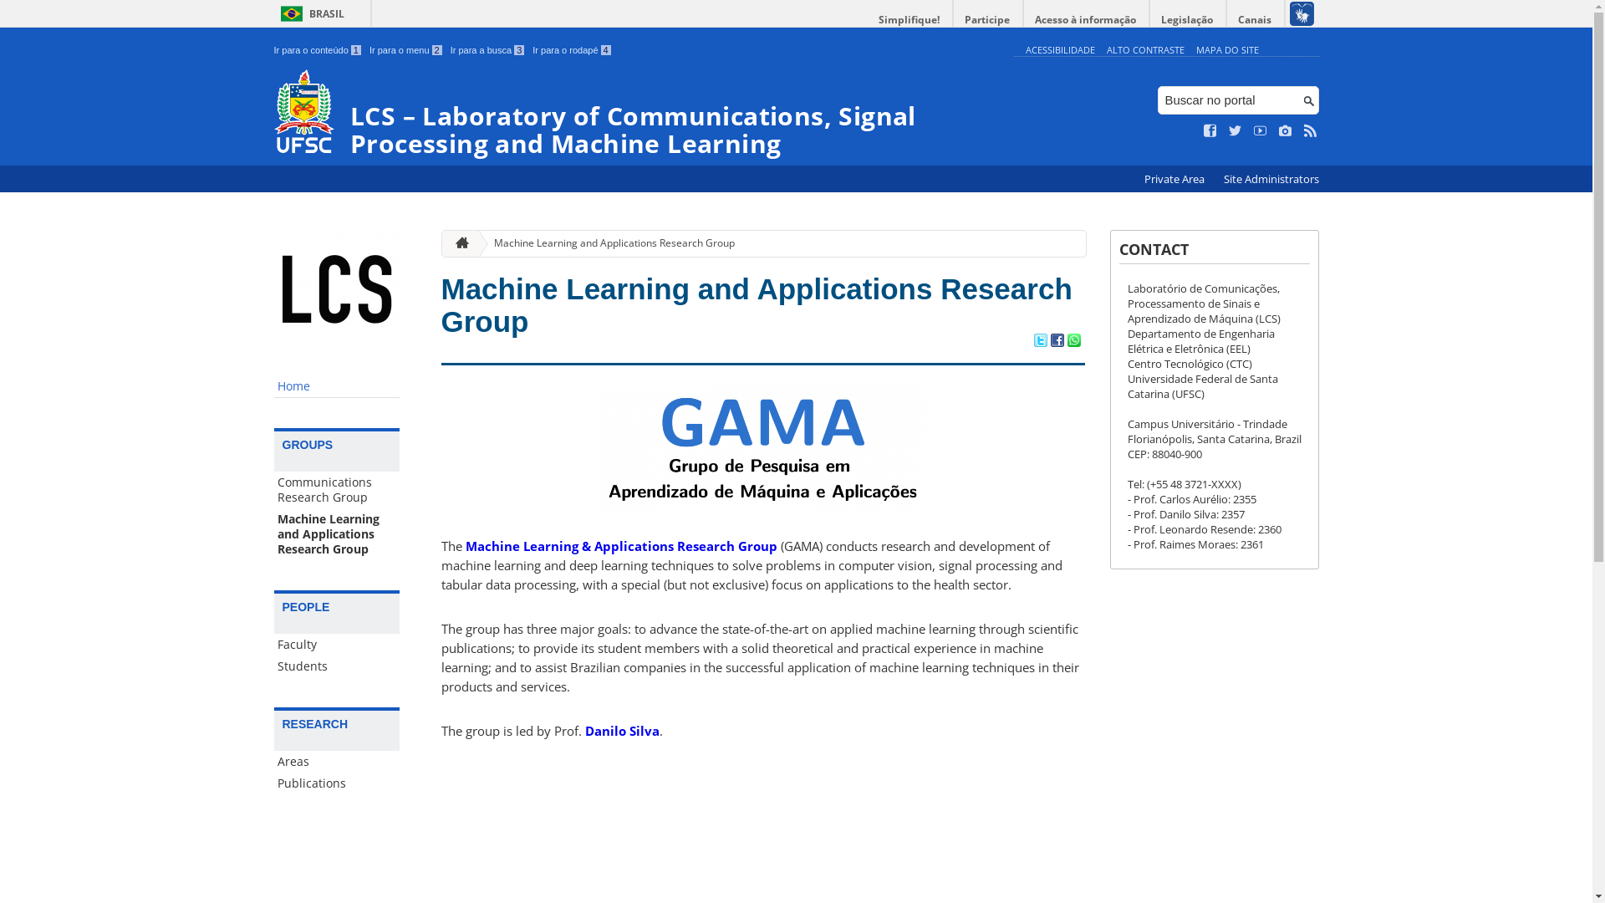 Image resolution: width=1605 pixels, height=903 pixels. What do you see at coordinates (487, 49) in the screenshot?
I see `'Ir para a busca 3'` at bounding box center [487, 49].